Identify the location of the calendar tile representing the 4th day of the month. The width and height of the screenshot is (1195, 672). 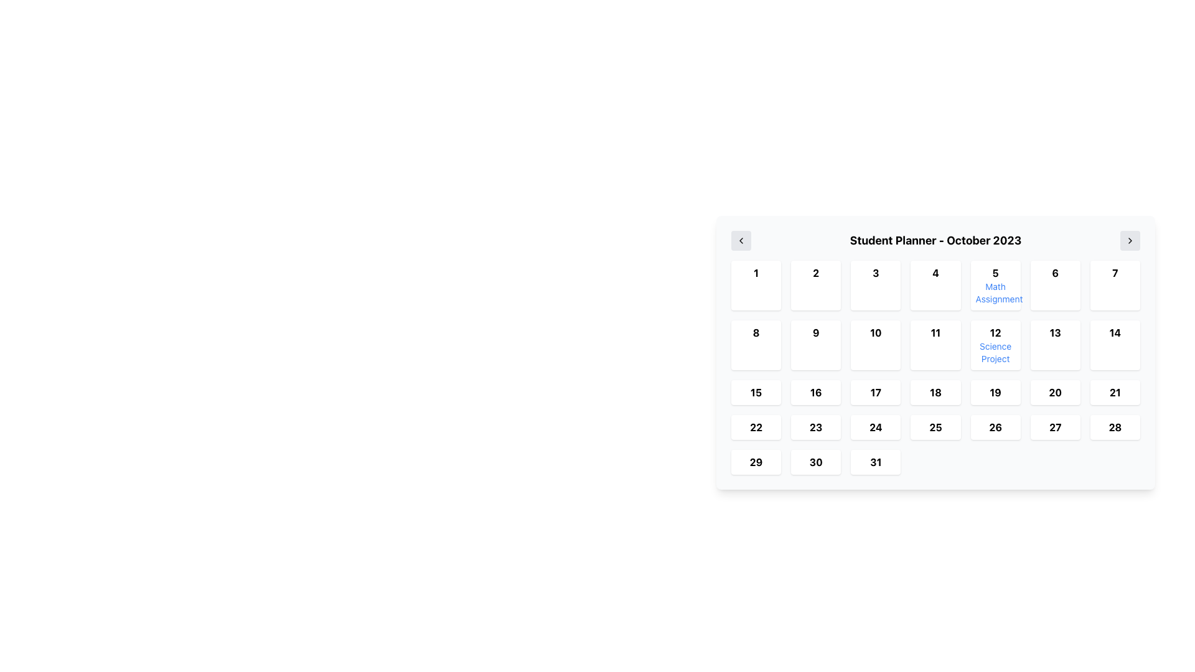
(935, 286).